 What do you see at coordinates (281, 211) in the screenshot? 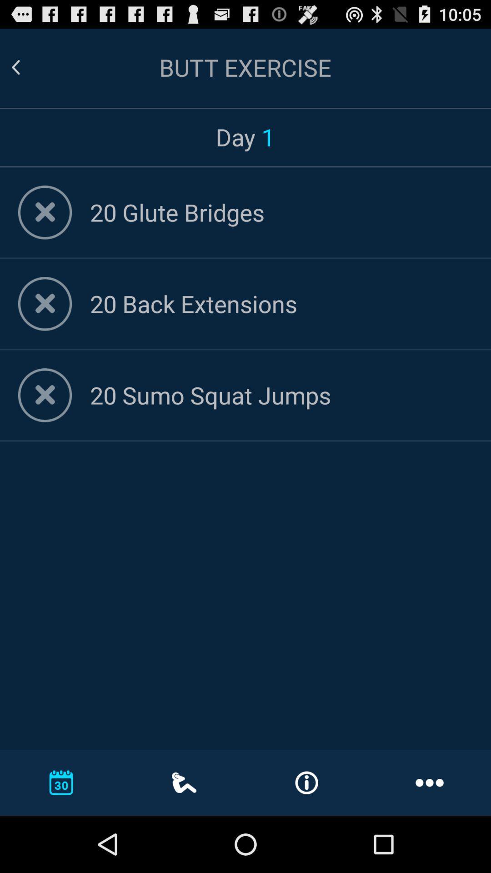
I see `the 20 glute bridges` at bounding box center [281, 211].